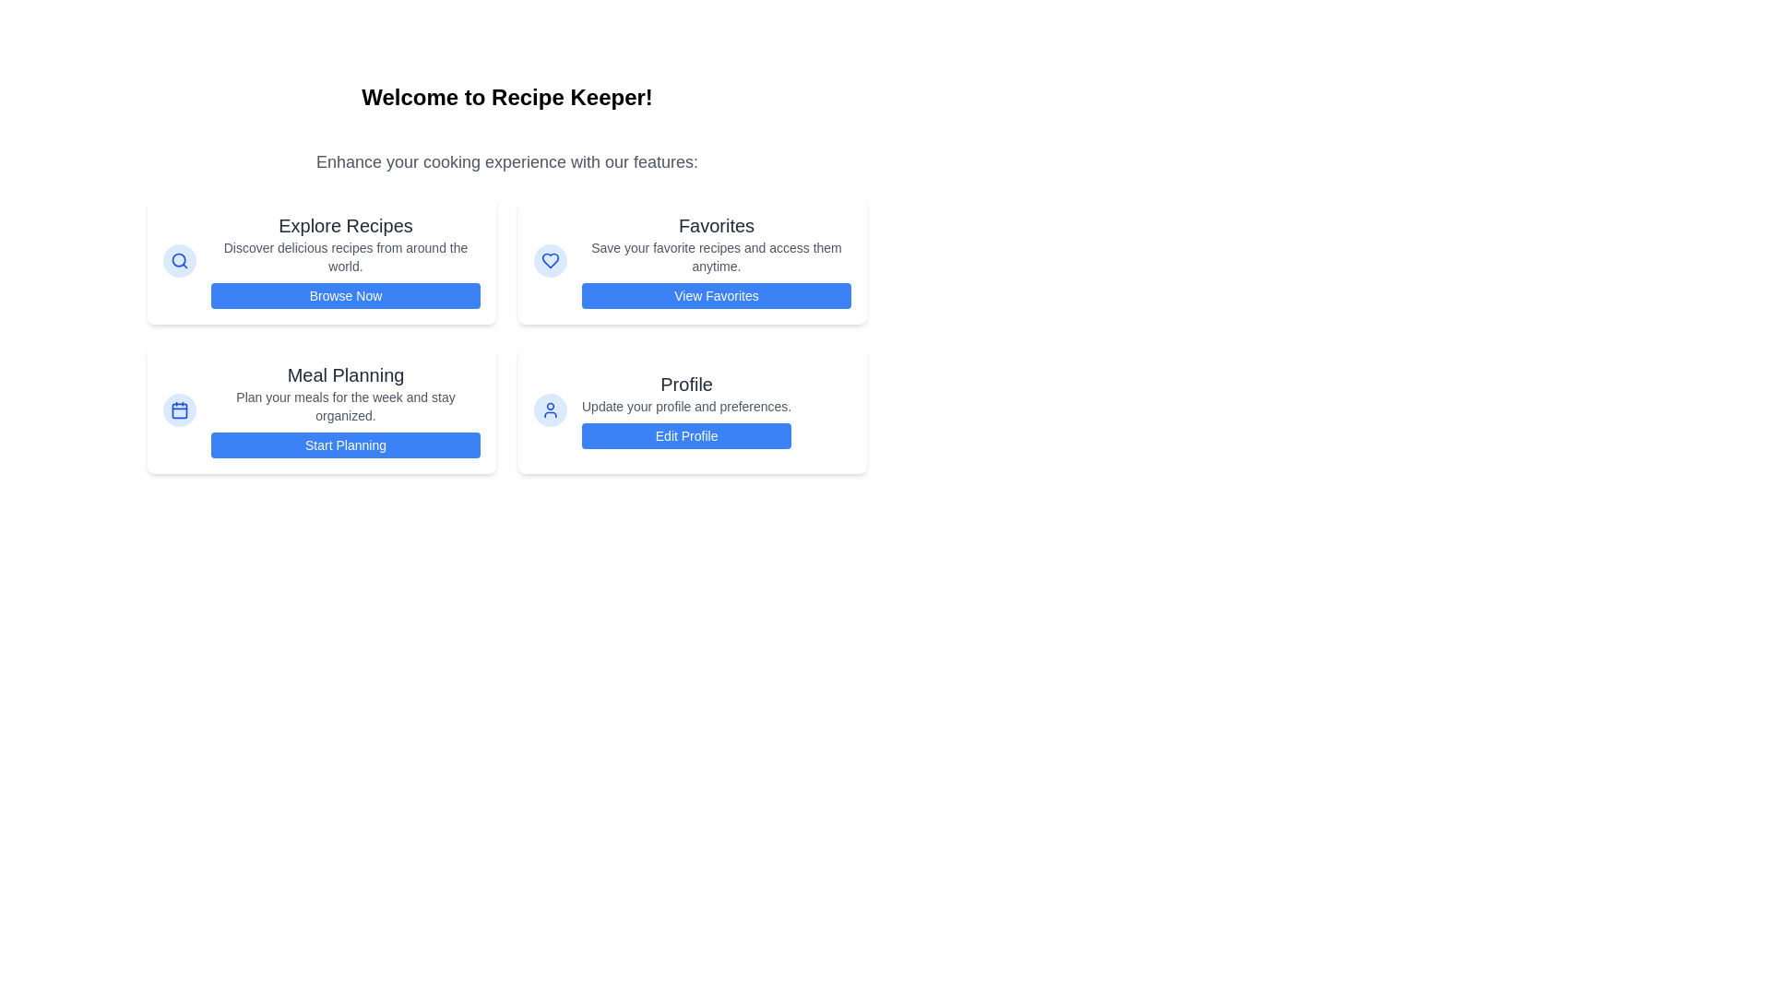 The width and height of the screenshot is (1771, 996). Describe the element at coordinates (345, 294) in the screenshot. I see `the 'Explore Recipes' button located below the header and text block, which serves as a call-to-action element for browsing recipes` at that location.